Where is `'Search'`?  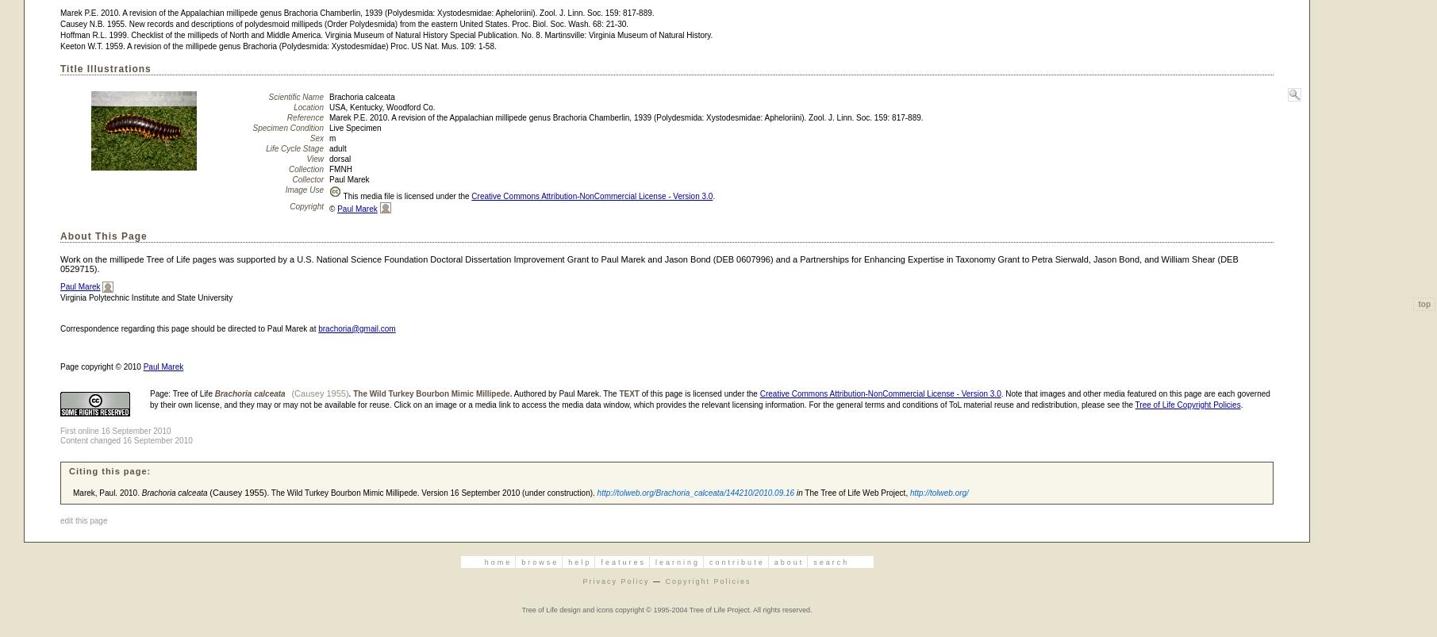
'Search' is located at coordinates (831, 561).